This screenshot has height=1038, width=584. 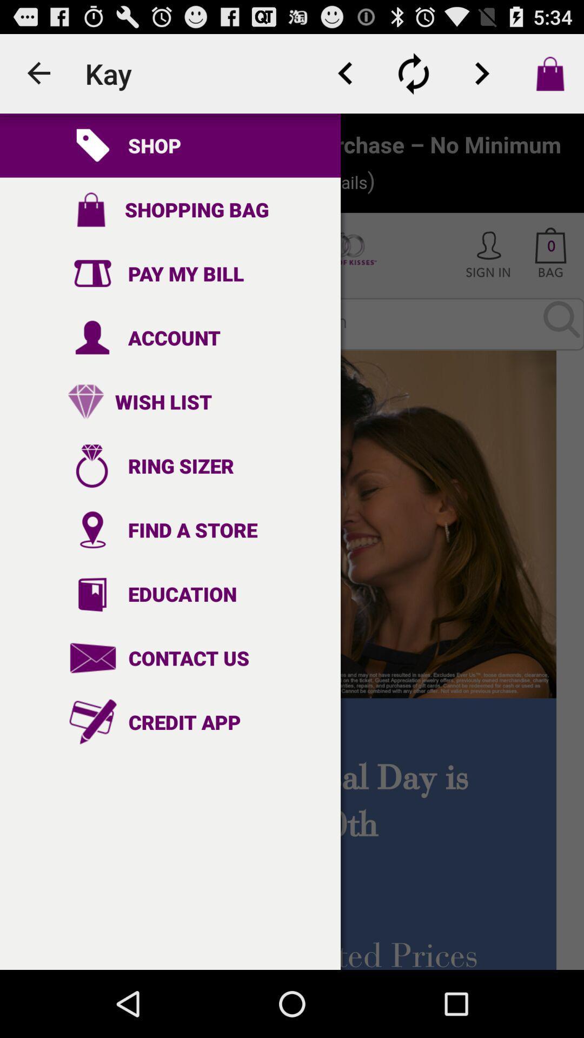 I want to click on button for next item, so click(x=481, y=73).